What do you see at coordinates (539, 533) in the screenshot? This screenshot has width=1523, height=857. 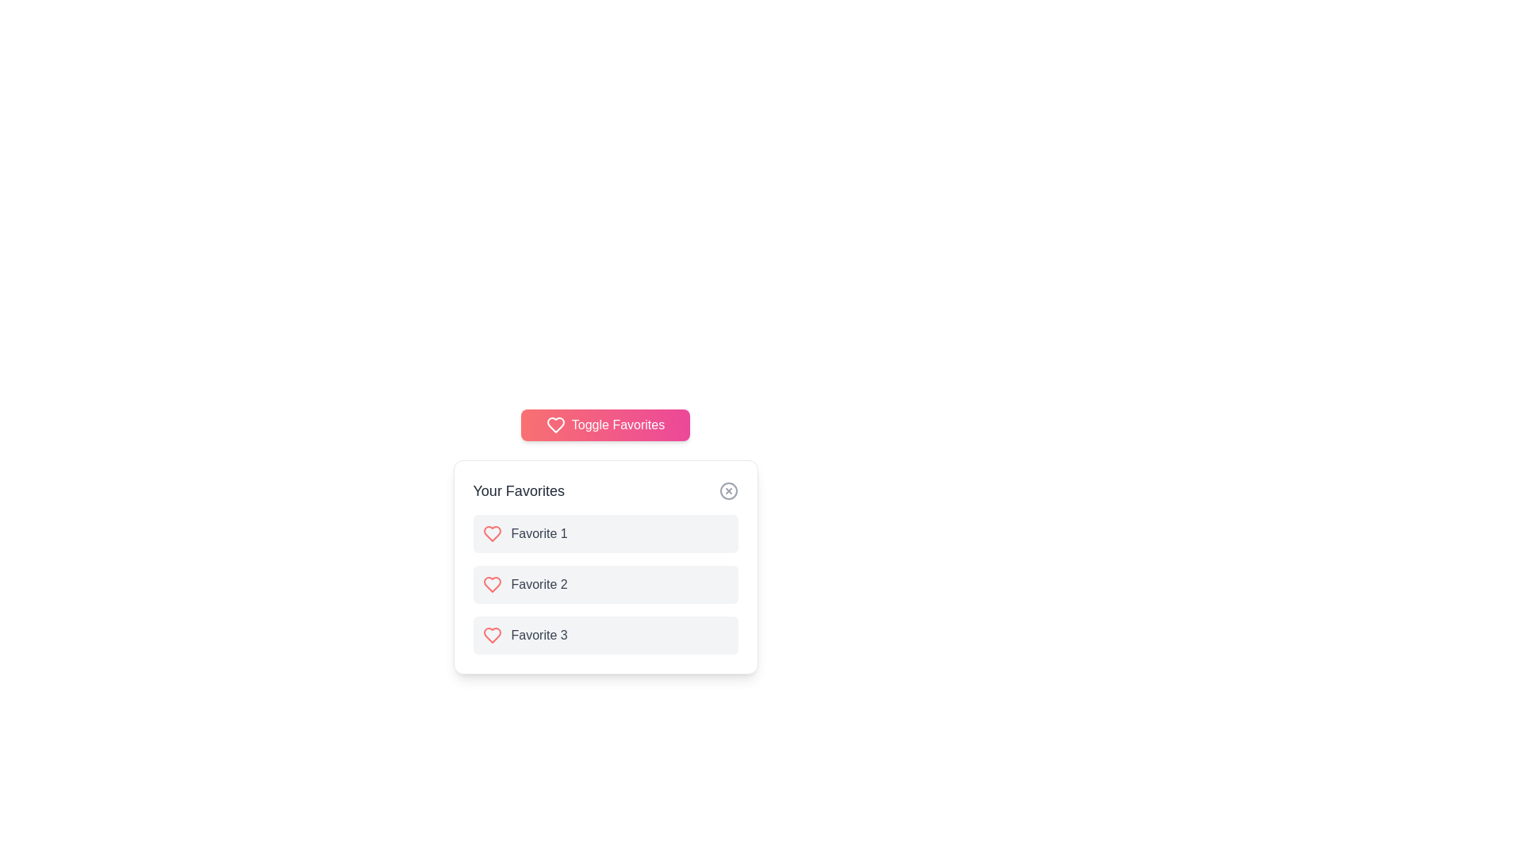 I see `the text label 'Favorite 1', which is styled in dark gray and located next to a heart icon in the first item of a favorites list` at bounding box center [539, 533].